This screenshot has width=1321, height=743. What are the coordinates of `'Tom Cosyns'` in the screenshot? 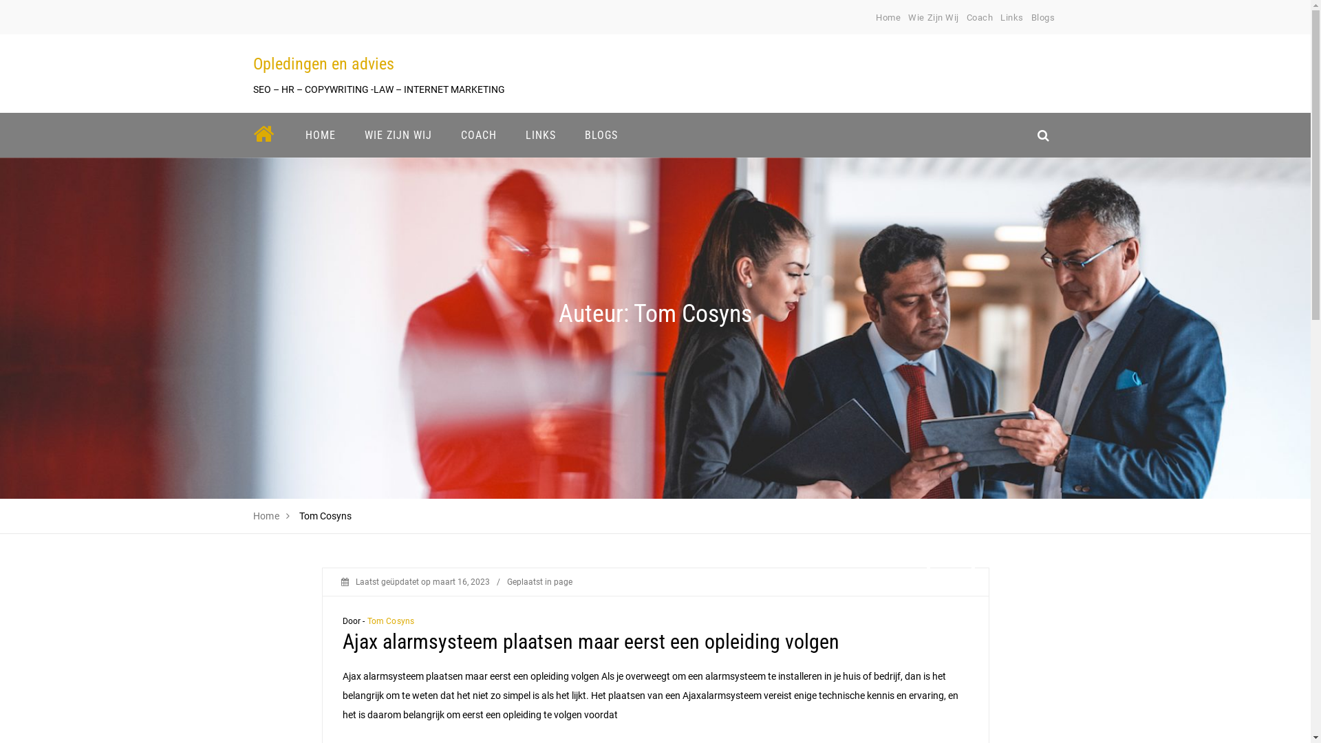 It's located at (390, 621).